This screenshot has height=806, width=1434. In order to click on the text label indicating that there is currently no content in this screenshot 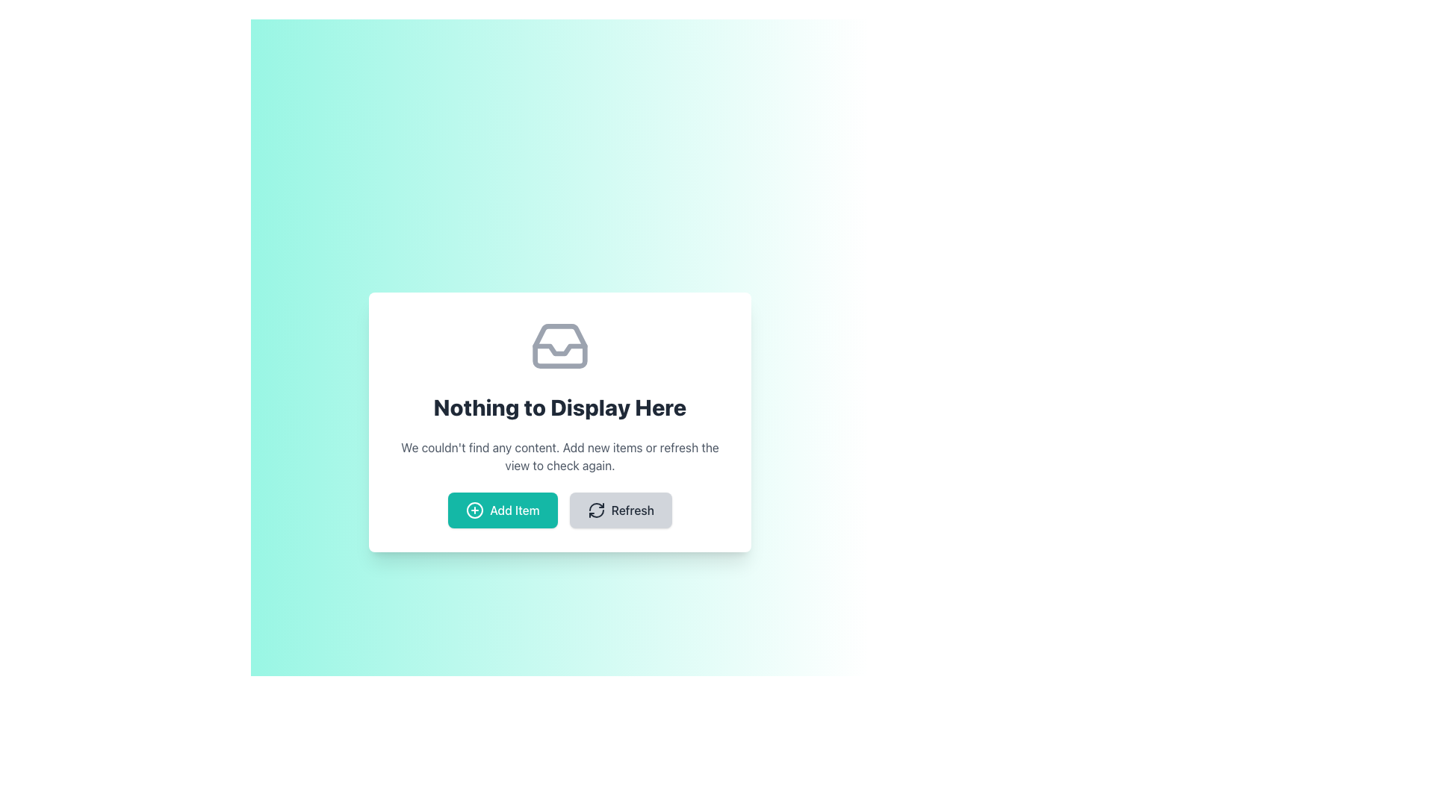, I will do `click(559, 407)`.